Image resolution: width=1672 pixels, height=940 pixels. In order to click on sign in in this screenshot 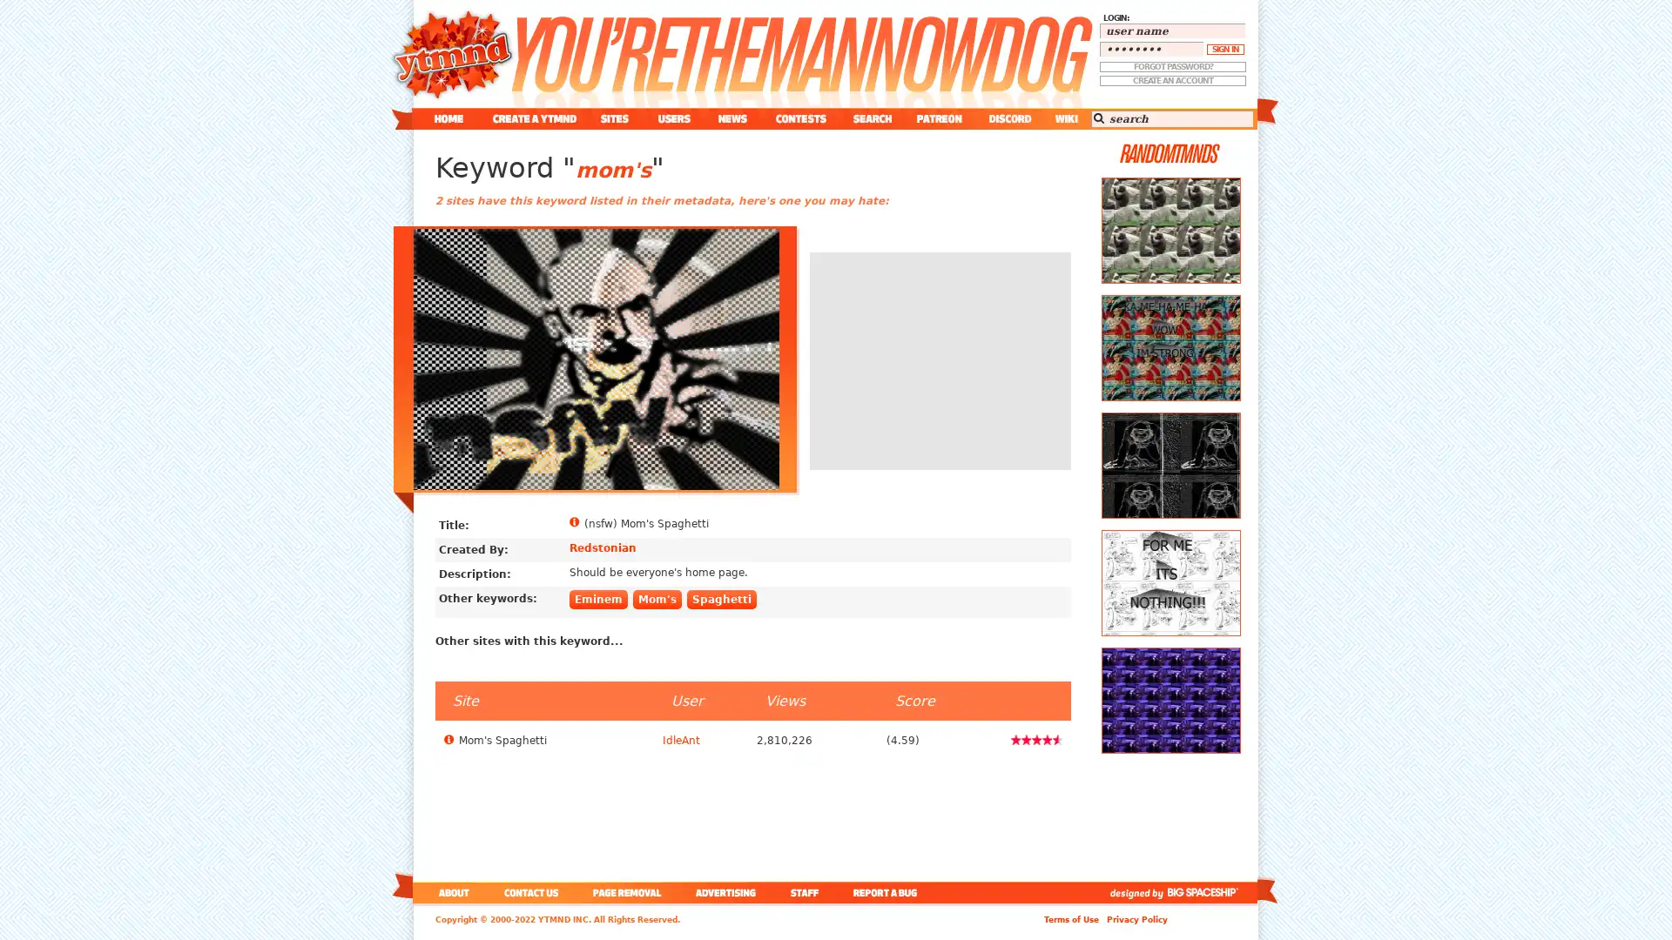, I will do `click(1224, 49)`.